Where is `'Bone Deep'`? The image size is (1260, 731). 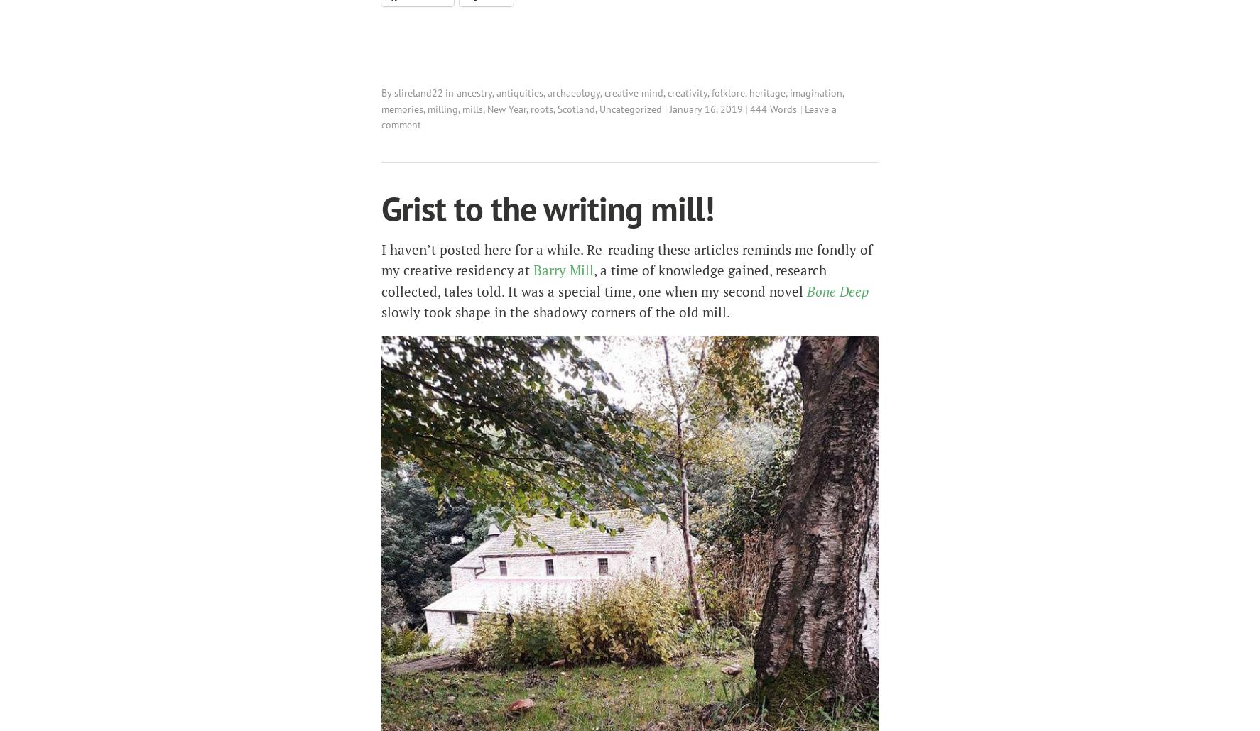
'Bone Deep' is located at coordinates (837, 290).